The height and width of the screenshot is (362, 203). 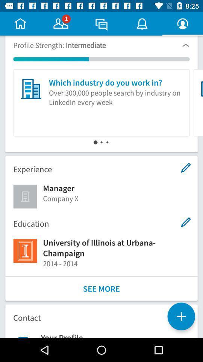 I want to click on the add icon, so click(x=181, y=316).